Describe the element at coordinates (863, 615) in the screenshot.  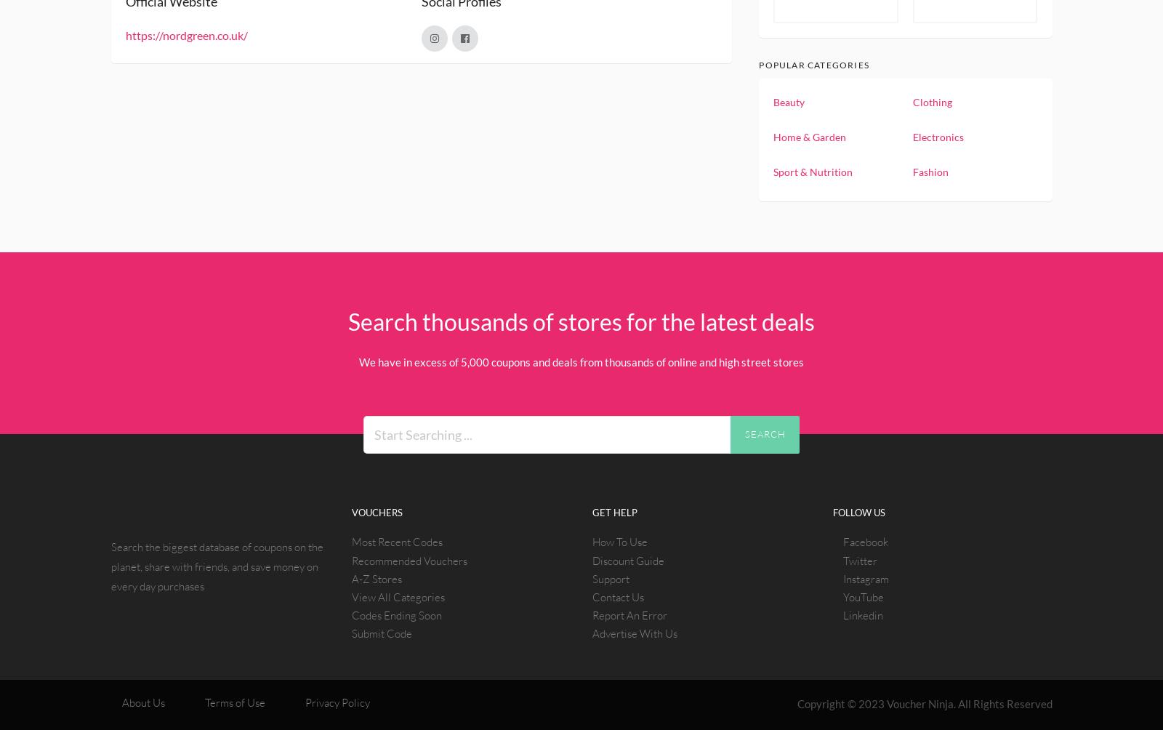
I see `'Linkedin'` at that location.